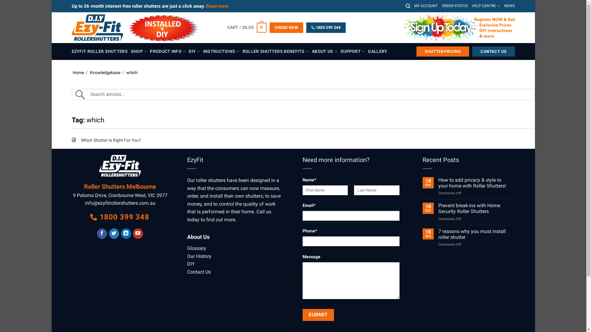 Image resolution: width=591 pixels, height=332 pixels. Describe the element at coordinates (78, 72) in the screenshot. I see `'Home'` at that location.